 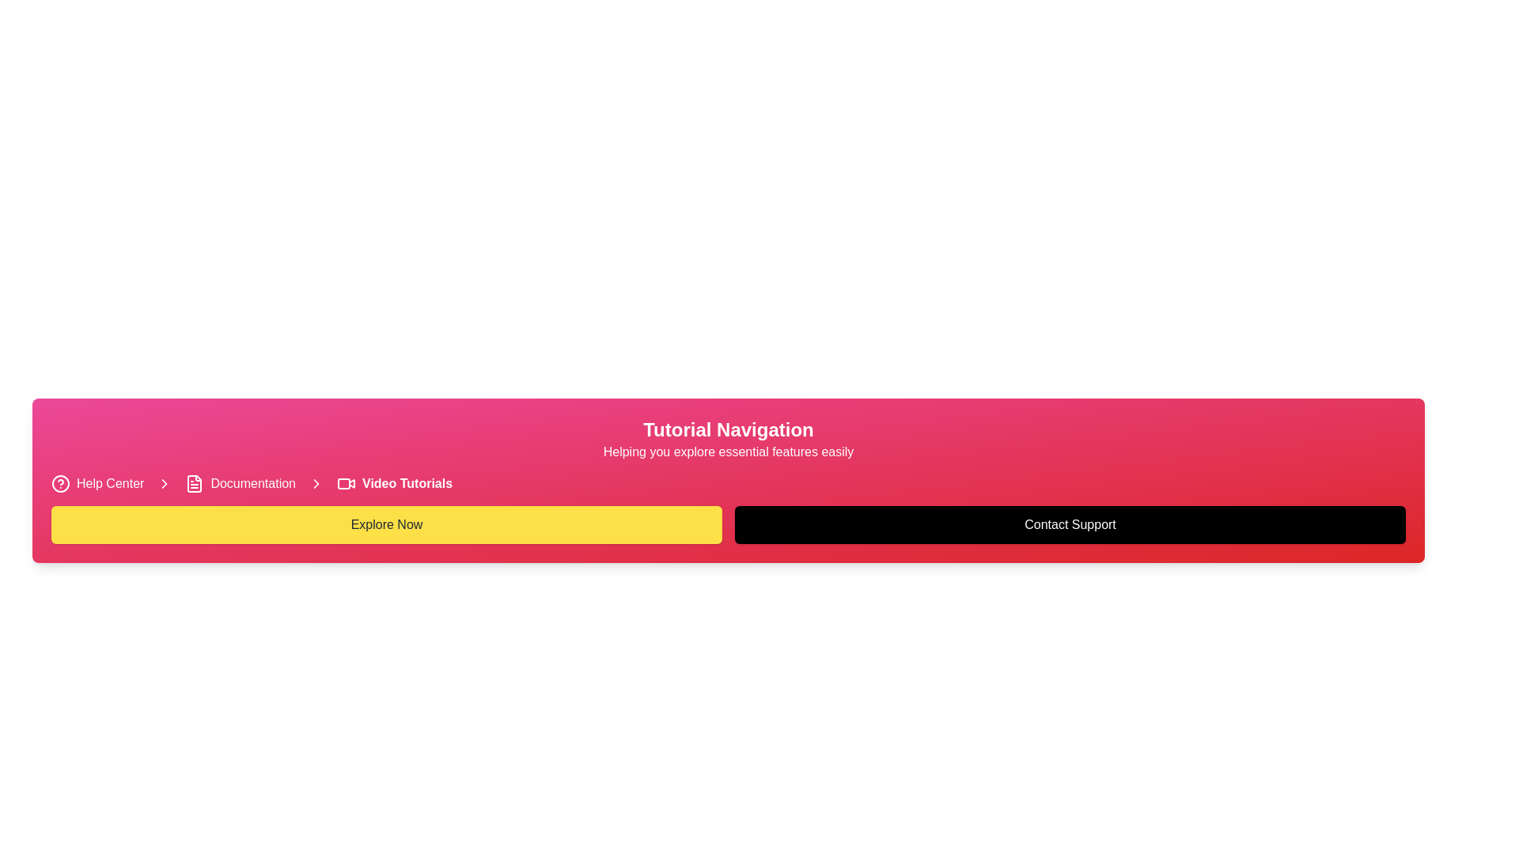 What do you see at coordinates (387, 524) in the screenshot?
I see `the first button in the horizontal layout, located to the left of the 'Contact Support' button, to initiate exploration` at bounding box center [387, 524].